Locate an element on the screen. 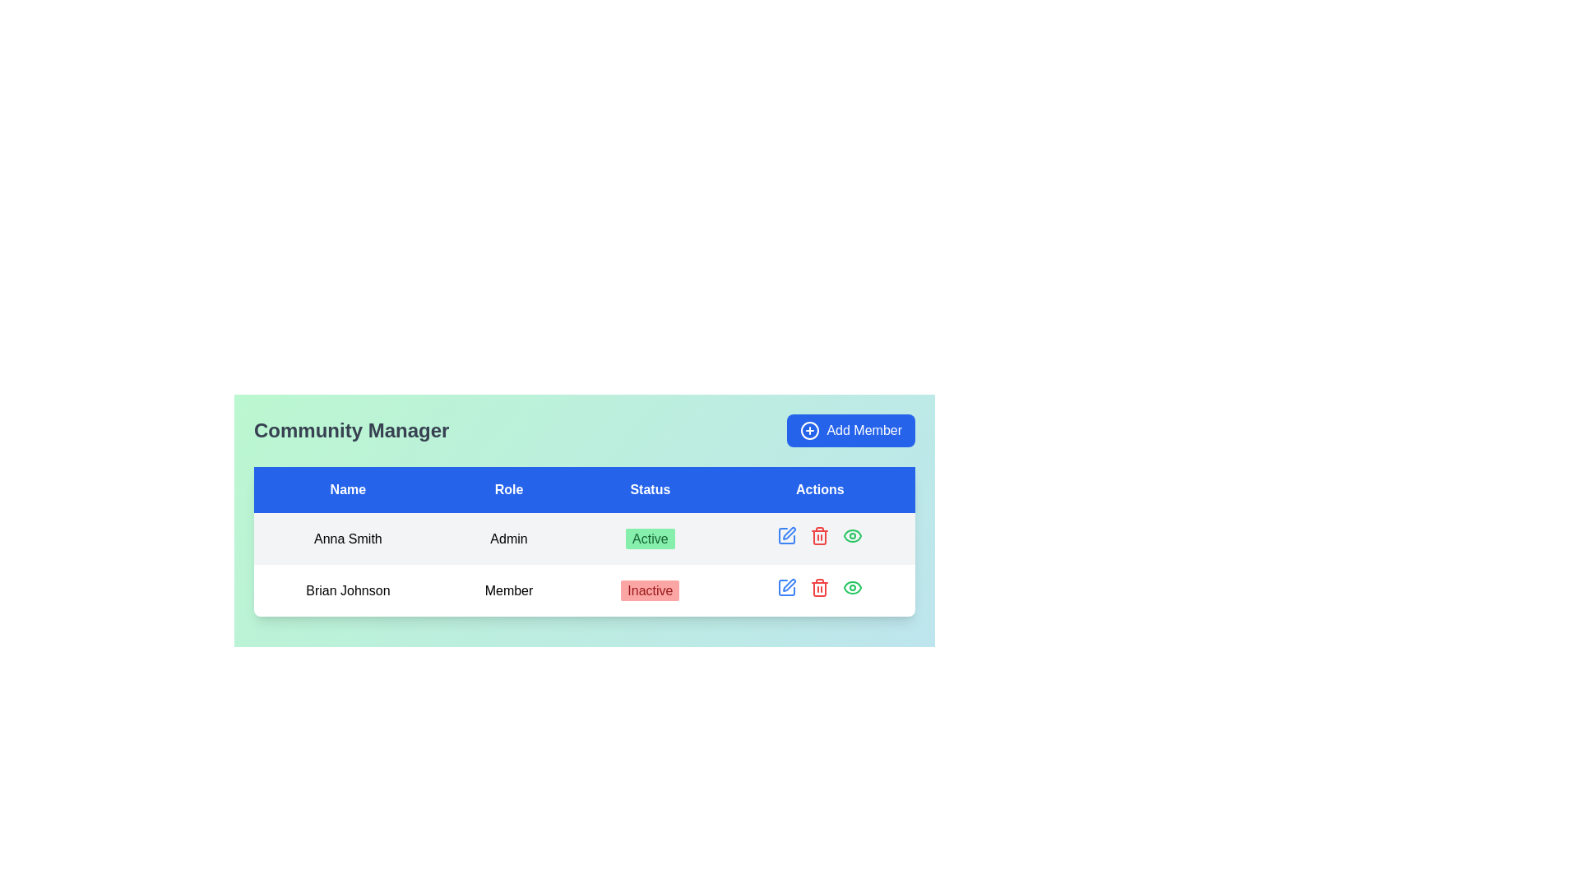 The image size is (1579, 888). the status label or badge indicating that user 'Brian Johnson' is 'Inactive', located in the 'Status' column of the second row under 'Community Manager' is located at coordinates (649, 590).